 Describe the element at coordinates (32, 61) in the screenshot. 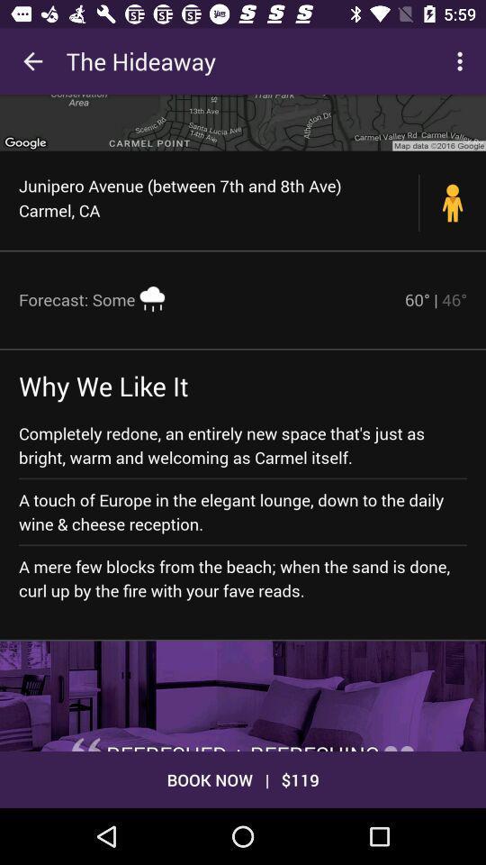

I see `the icon next to the hideaway item` at that location.